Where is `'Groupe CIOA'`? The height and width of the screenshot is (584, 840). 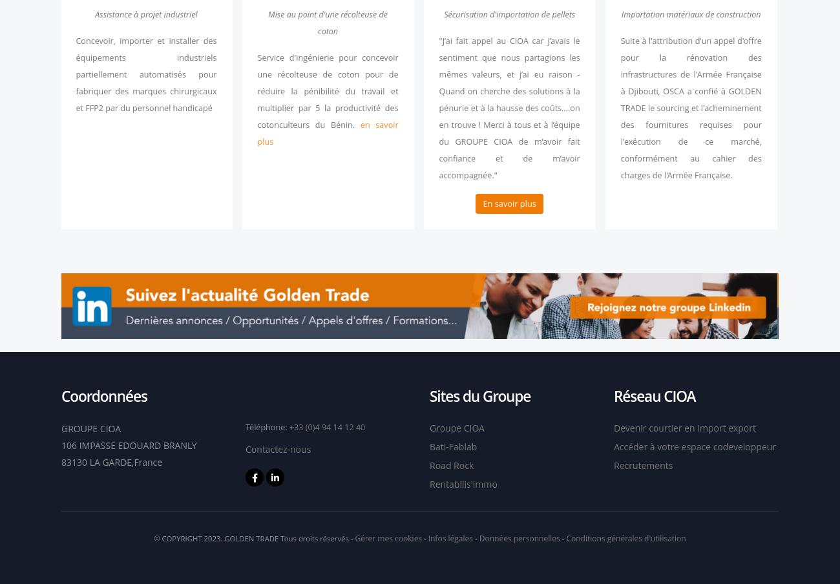
'Groupe CIOA' is located at coordinates (456, 427).